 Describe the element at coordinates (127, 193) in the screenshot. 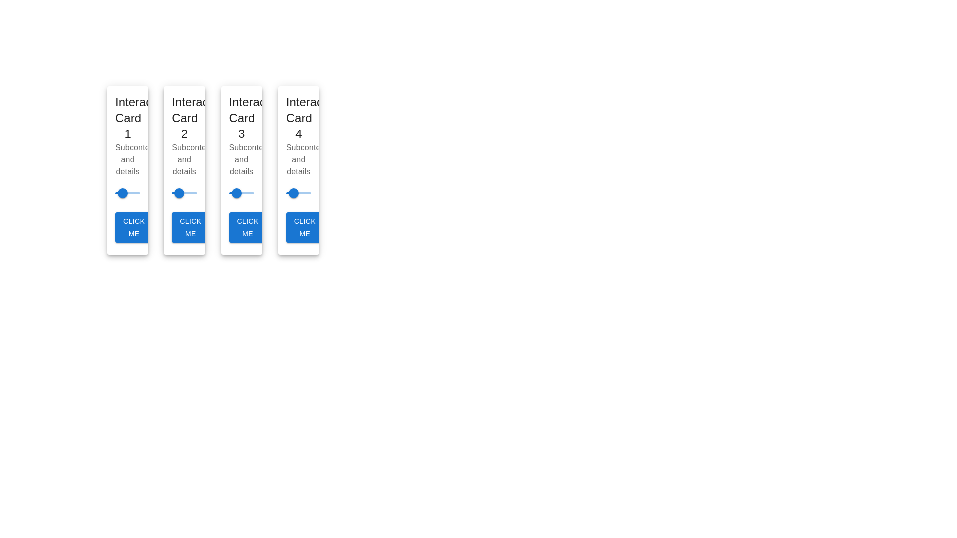

I see `the blue circular thumb of the slider located within 'Interactive Card 1', below the subheading 'Subcontent and details' and above the button labeled 'Click Me'` at that location.